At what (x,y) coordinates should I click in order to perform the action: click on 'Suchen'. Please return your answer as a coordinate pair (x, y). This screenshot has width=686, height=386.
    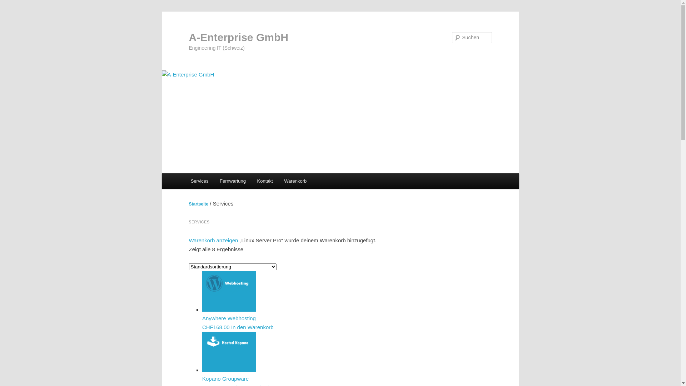
    Looking at the image, I should click on (12, 4).